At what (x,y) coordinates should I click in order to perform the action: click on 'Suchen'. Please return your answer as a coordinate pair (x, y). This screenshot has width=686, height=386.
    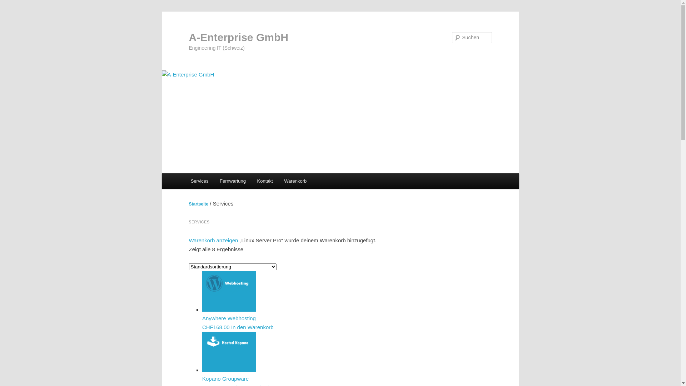
    Looking at the image, I should click on (12, 4).